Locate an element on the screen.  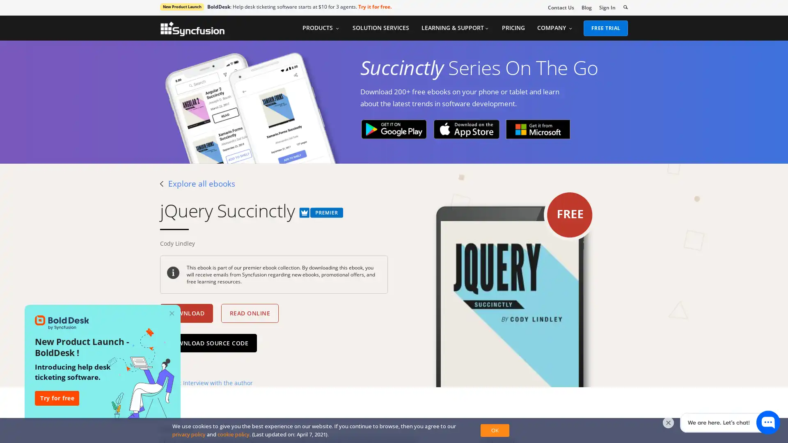
OK is located at coordinates (494, 430).